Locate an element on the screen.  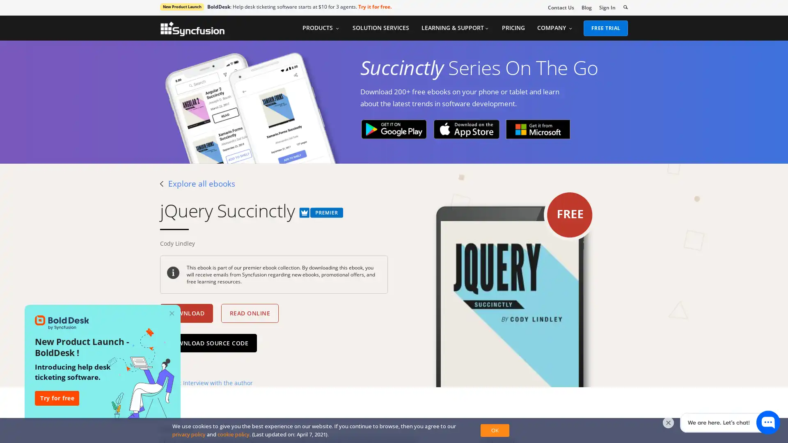
OK is located at coordinates (494, 430).